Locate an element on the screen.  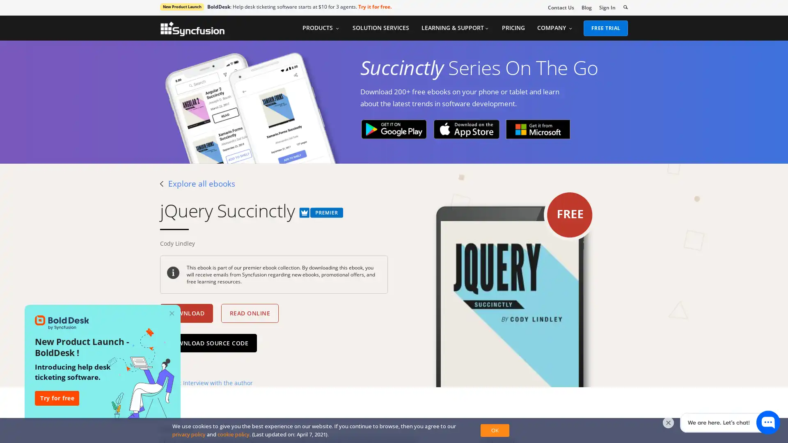
OK is located at coordinates (494, 430).